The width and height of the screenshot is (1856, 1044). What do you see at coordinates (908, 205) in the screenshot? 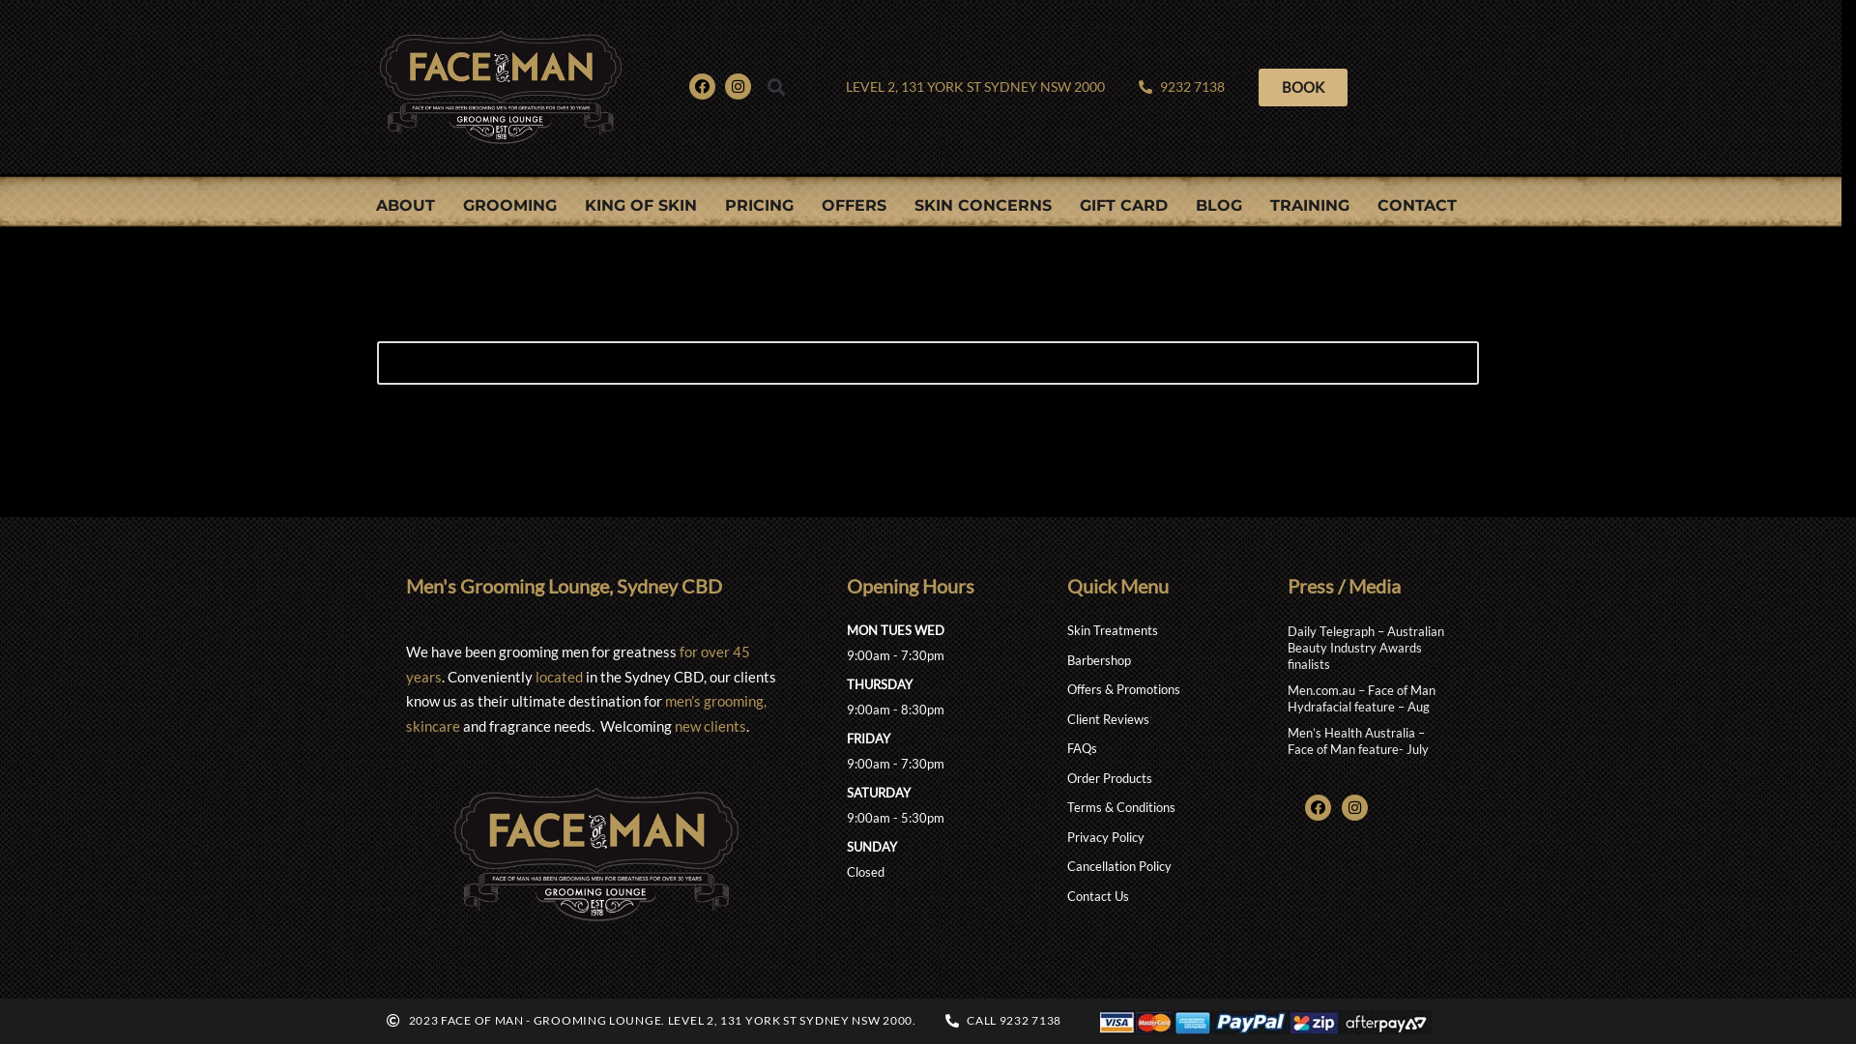
I see `'SKIN CONCERNS'` at bounding box center [908, 205].